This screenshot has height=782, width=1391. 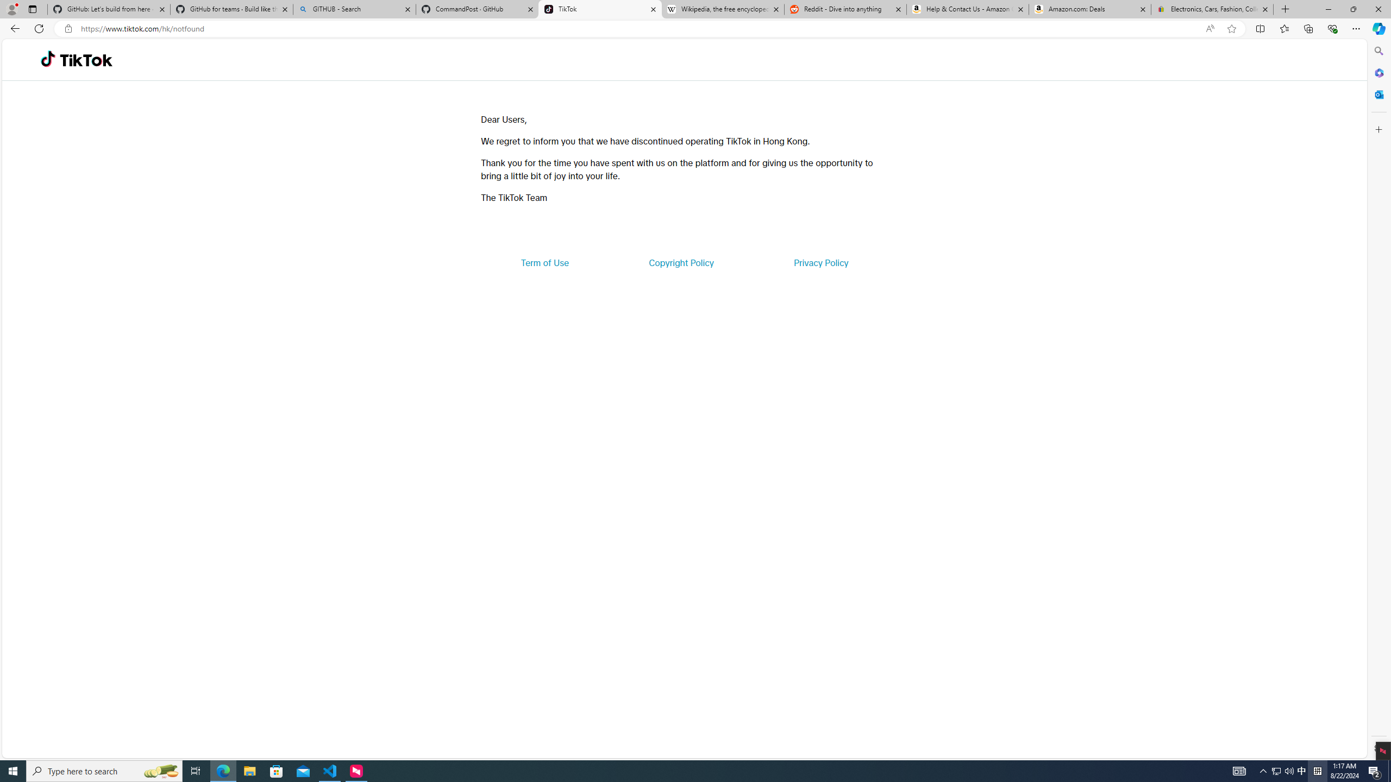 I want to click on 'GITHUB - Search', so click(x=354, y=9).